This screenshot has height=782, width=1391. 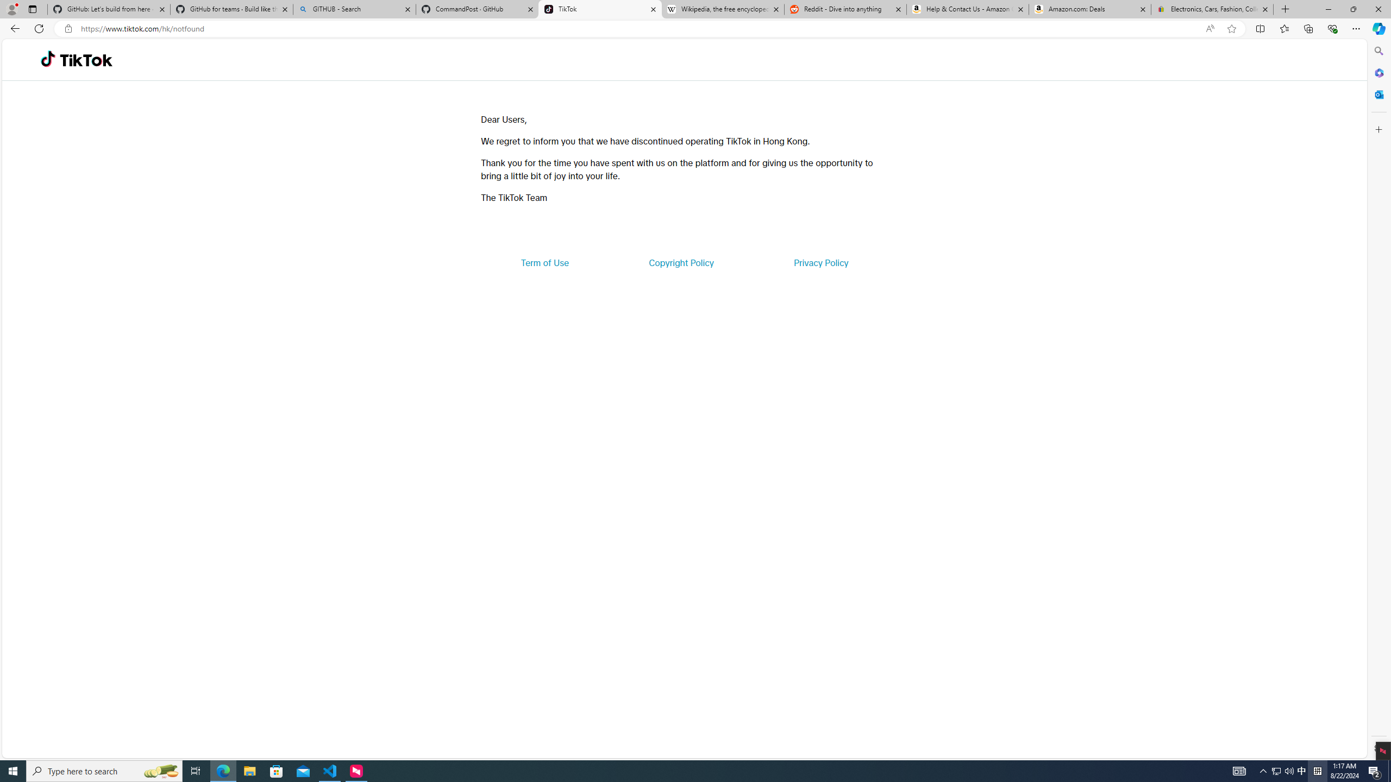 I want to click on 'GITHUB - Search', so click(x=354, y=9).